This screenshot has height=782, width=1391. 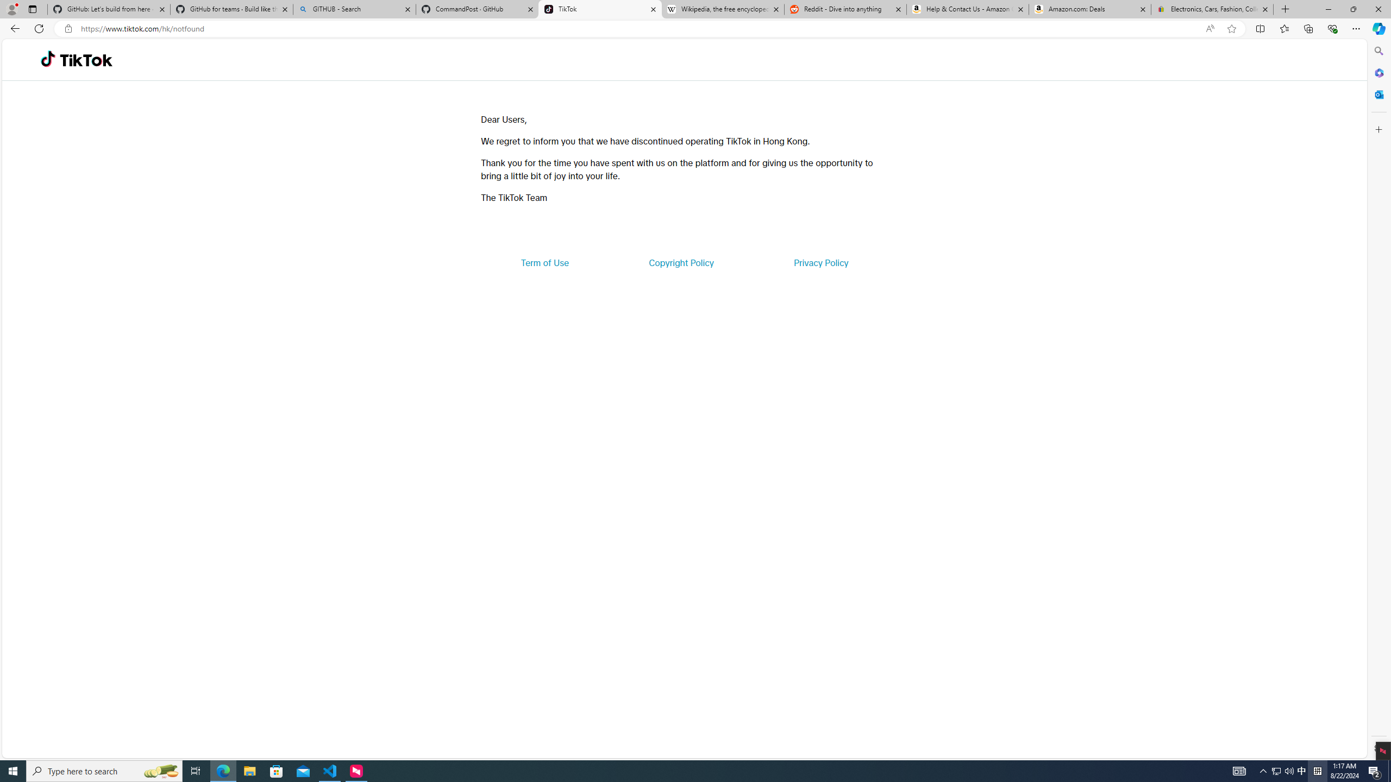 I want to click on 'GITHUB - Search', so click(x=354, y=9).